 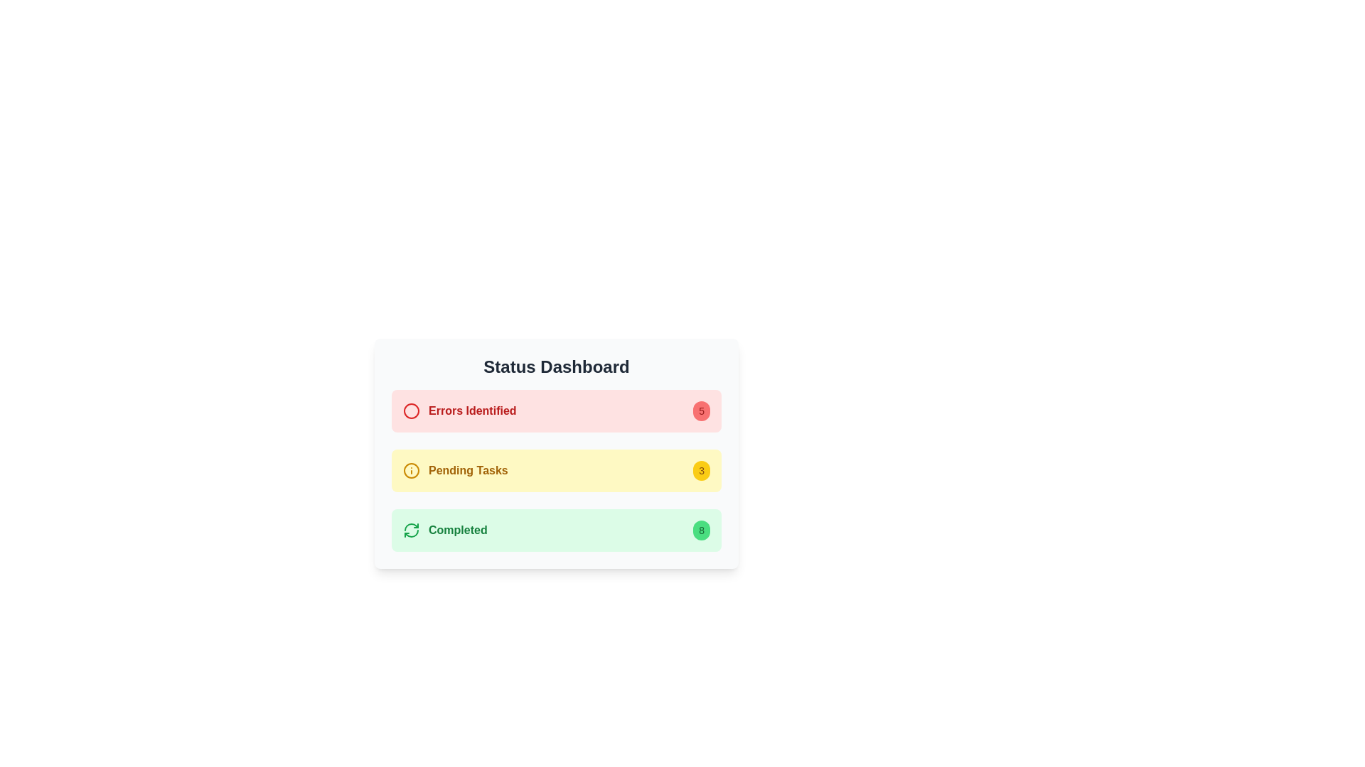 I want to click on the 'Pending Tasks' label with icon located in the middle section of the status dashboard, so click(x=455, y=471).